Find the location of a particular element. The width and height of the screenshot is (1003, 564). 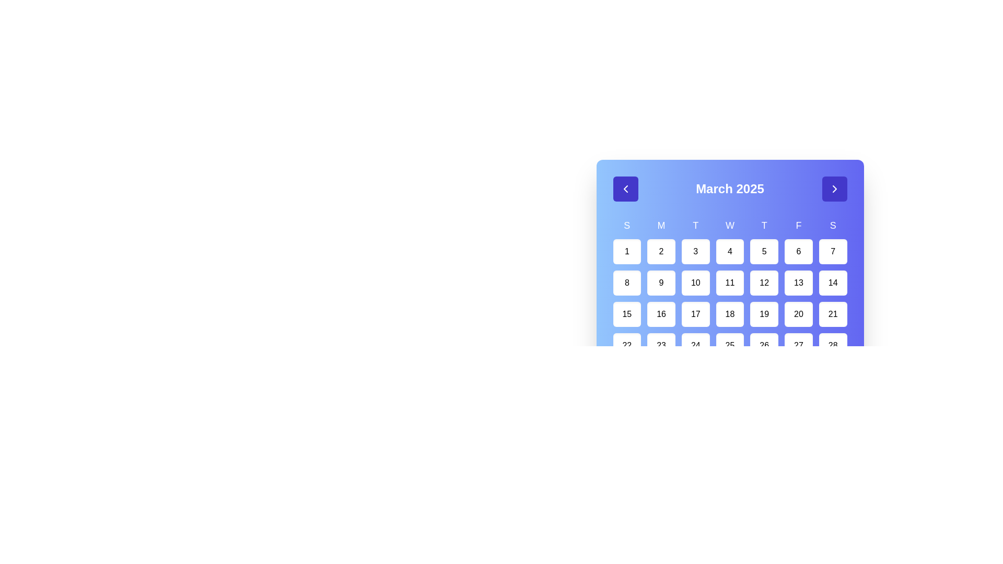

the rounded square button with a white background and the number '28' in bold black text located in the last column under 'S' in the calendar layout is located at coordinates (832, 346).